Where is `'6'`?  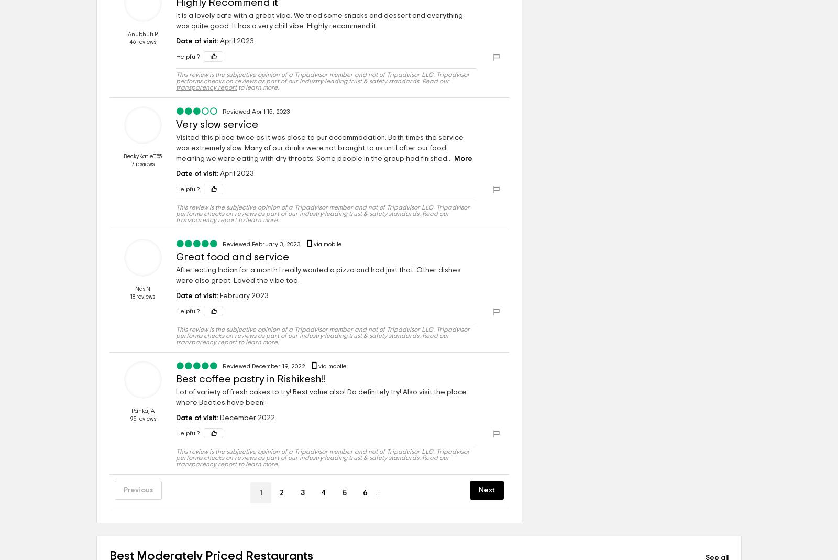 '6' is located at coordinates (362, 492).